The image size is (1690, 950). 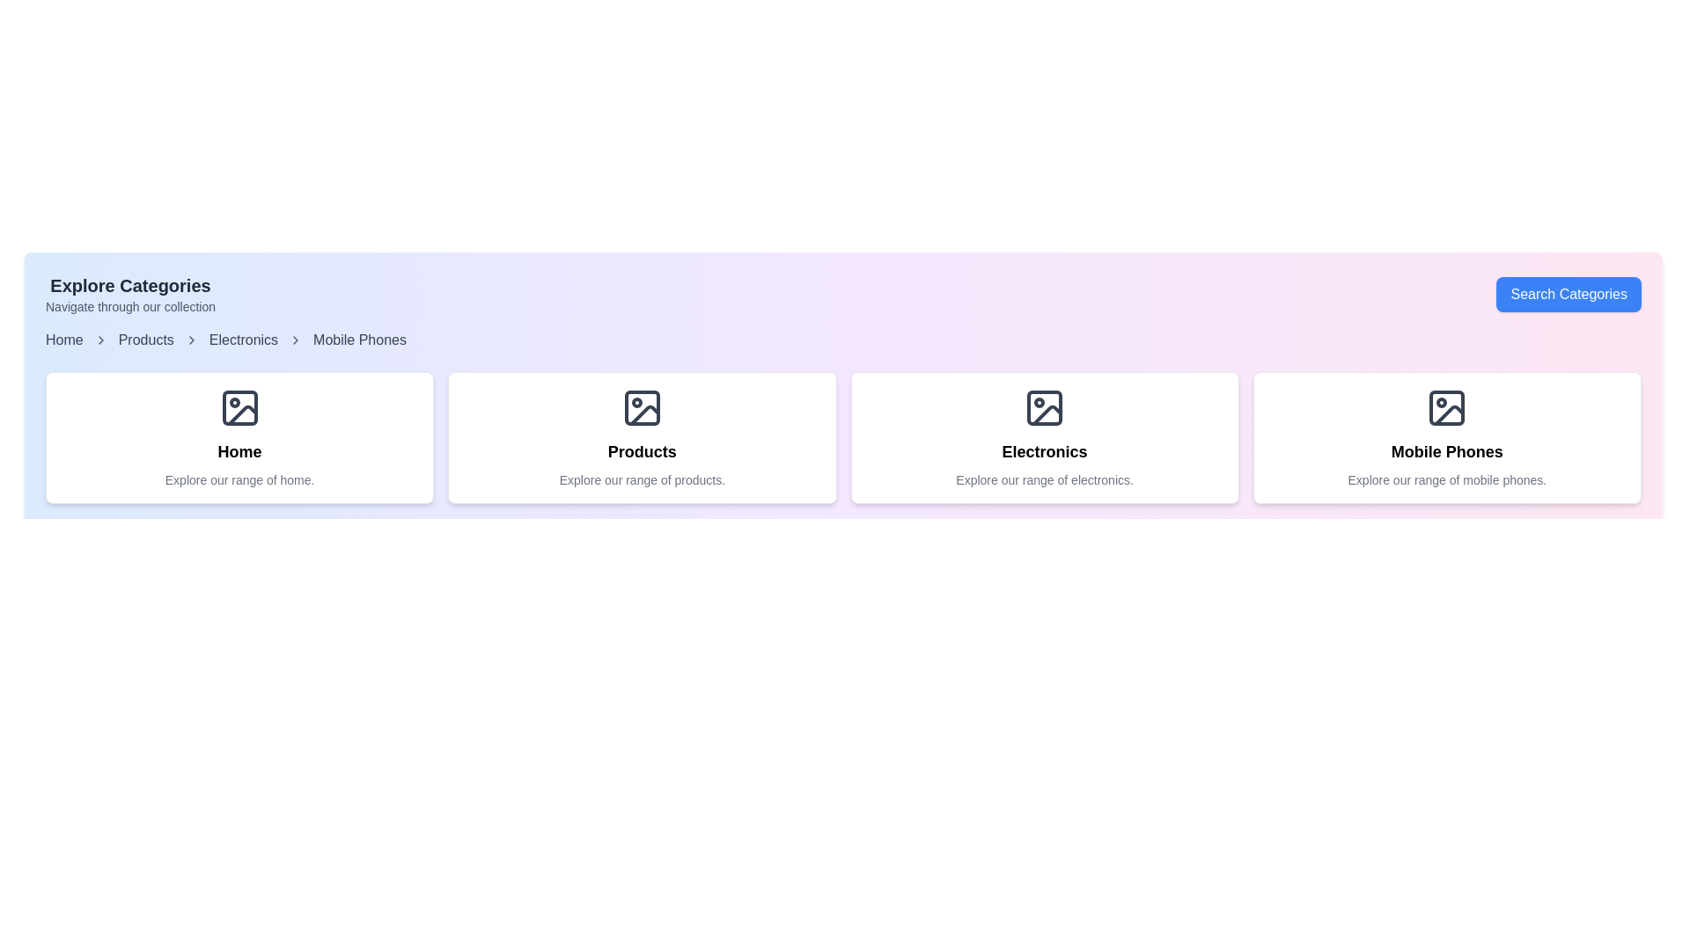 I want to click on text label that is a centered heading styled with a bold font, reading 'Mobile Phones', located at the bottom center of a card layout, so click(x=1447, y=450).